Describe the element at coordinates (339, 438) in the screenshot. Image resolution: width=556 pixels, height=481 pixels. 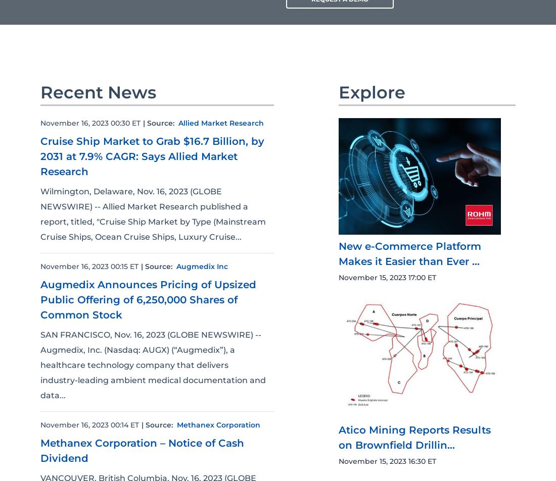
I see `'Atico Mining Reports Results on Brownfield Drillin...'` at that location.